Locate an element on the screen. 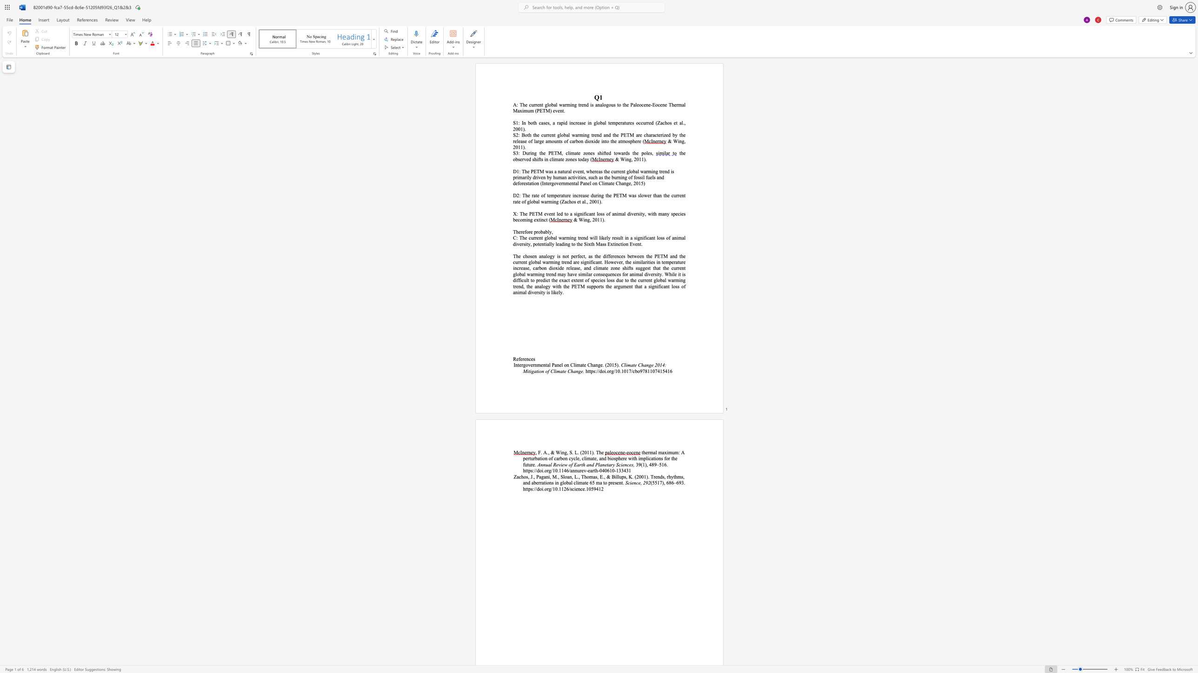  the 1th character "l" in the text is located at coordinates (599, 237).